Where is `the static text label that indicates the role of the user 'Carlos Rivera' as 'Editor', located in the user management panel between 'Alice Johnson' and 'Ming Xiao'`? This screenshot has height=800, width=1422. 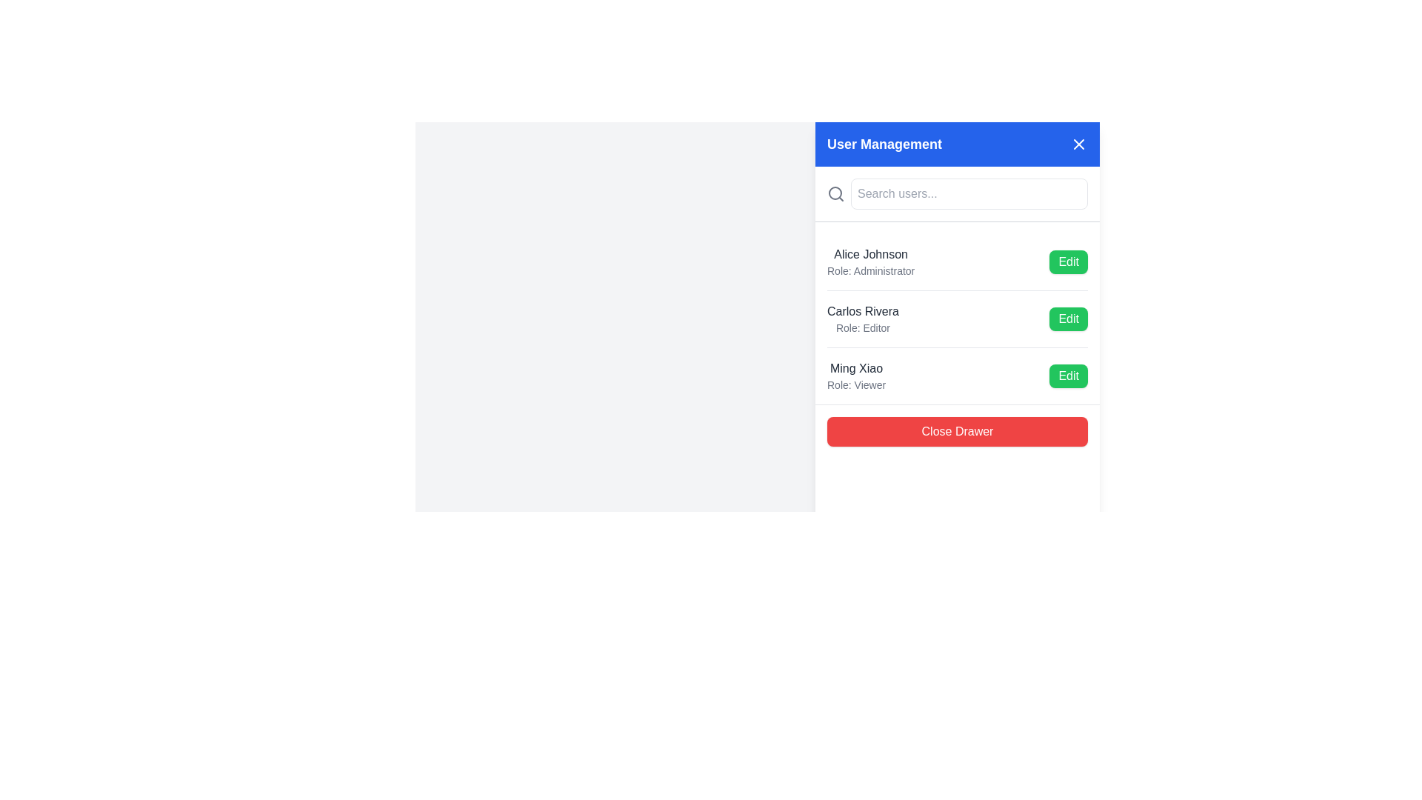
the static text label that indicates the role of the user 'Carlos Rivera' as 'Editor', located in the user management panel between 'Alice Johnson' and 'Ming Xiao' is located at coordinates (863, 327).